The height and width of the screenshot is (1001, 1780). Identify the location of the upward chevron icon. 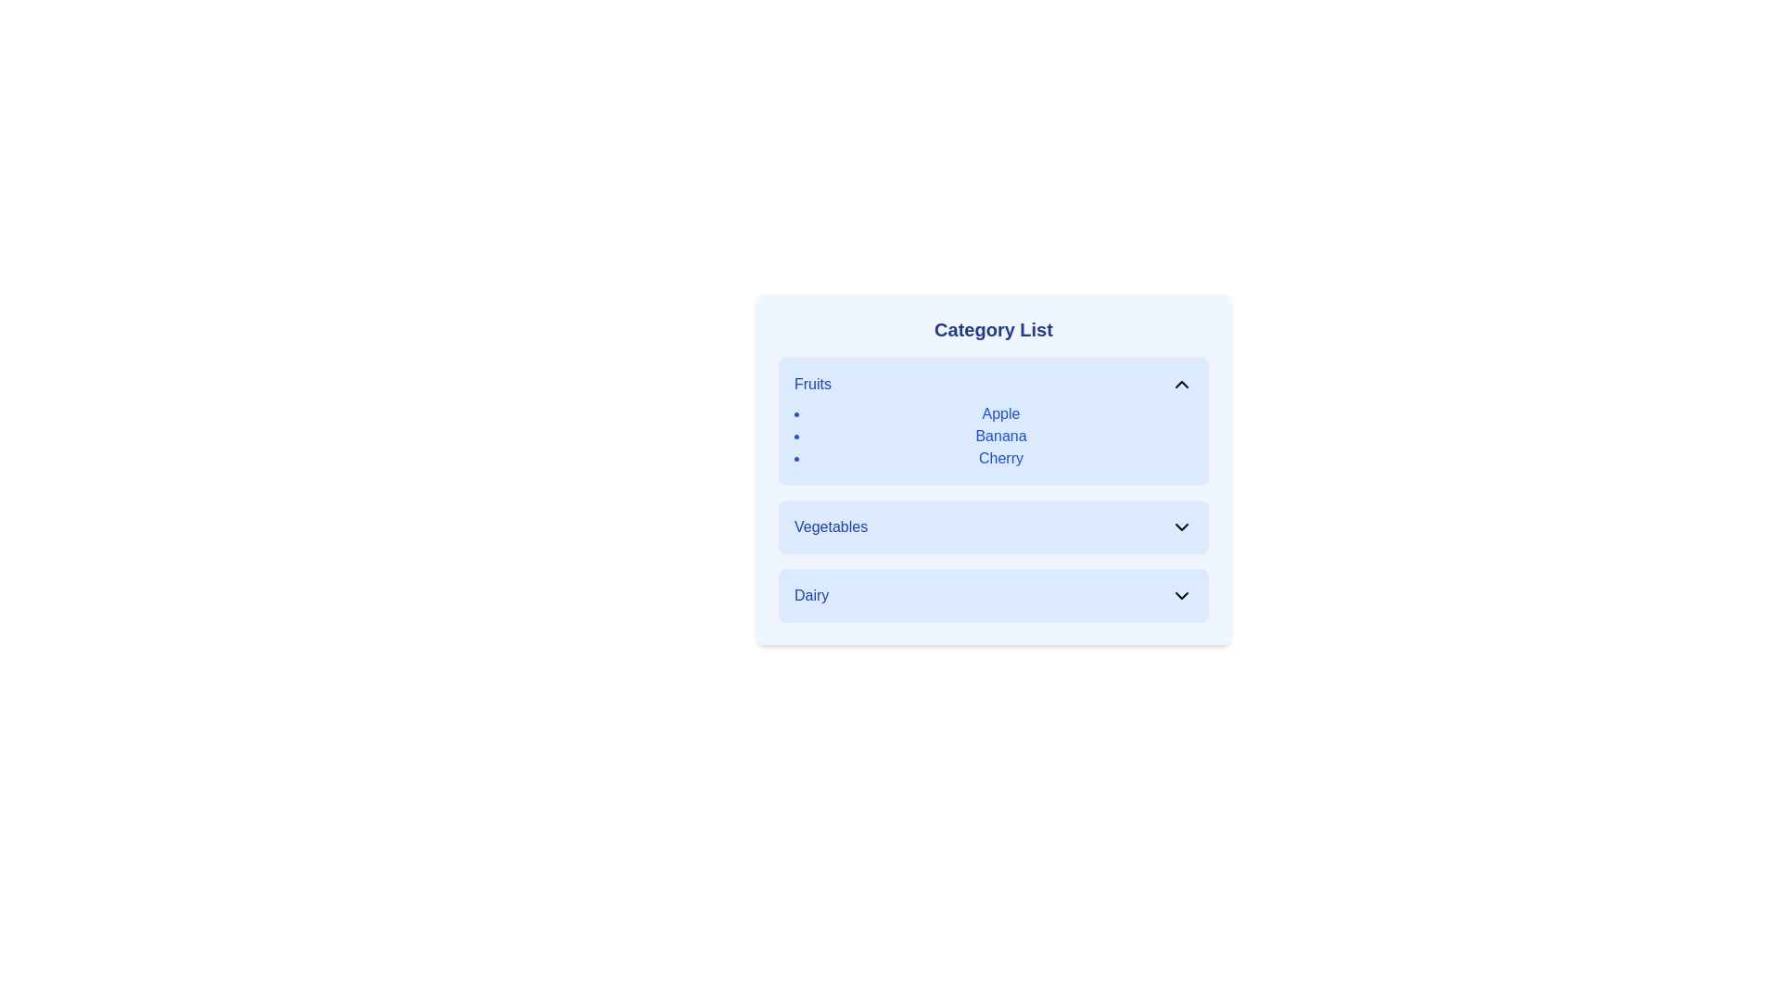
(1181, 384).